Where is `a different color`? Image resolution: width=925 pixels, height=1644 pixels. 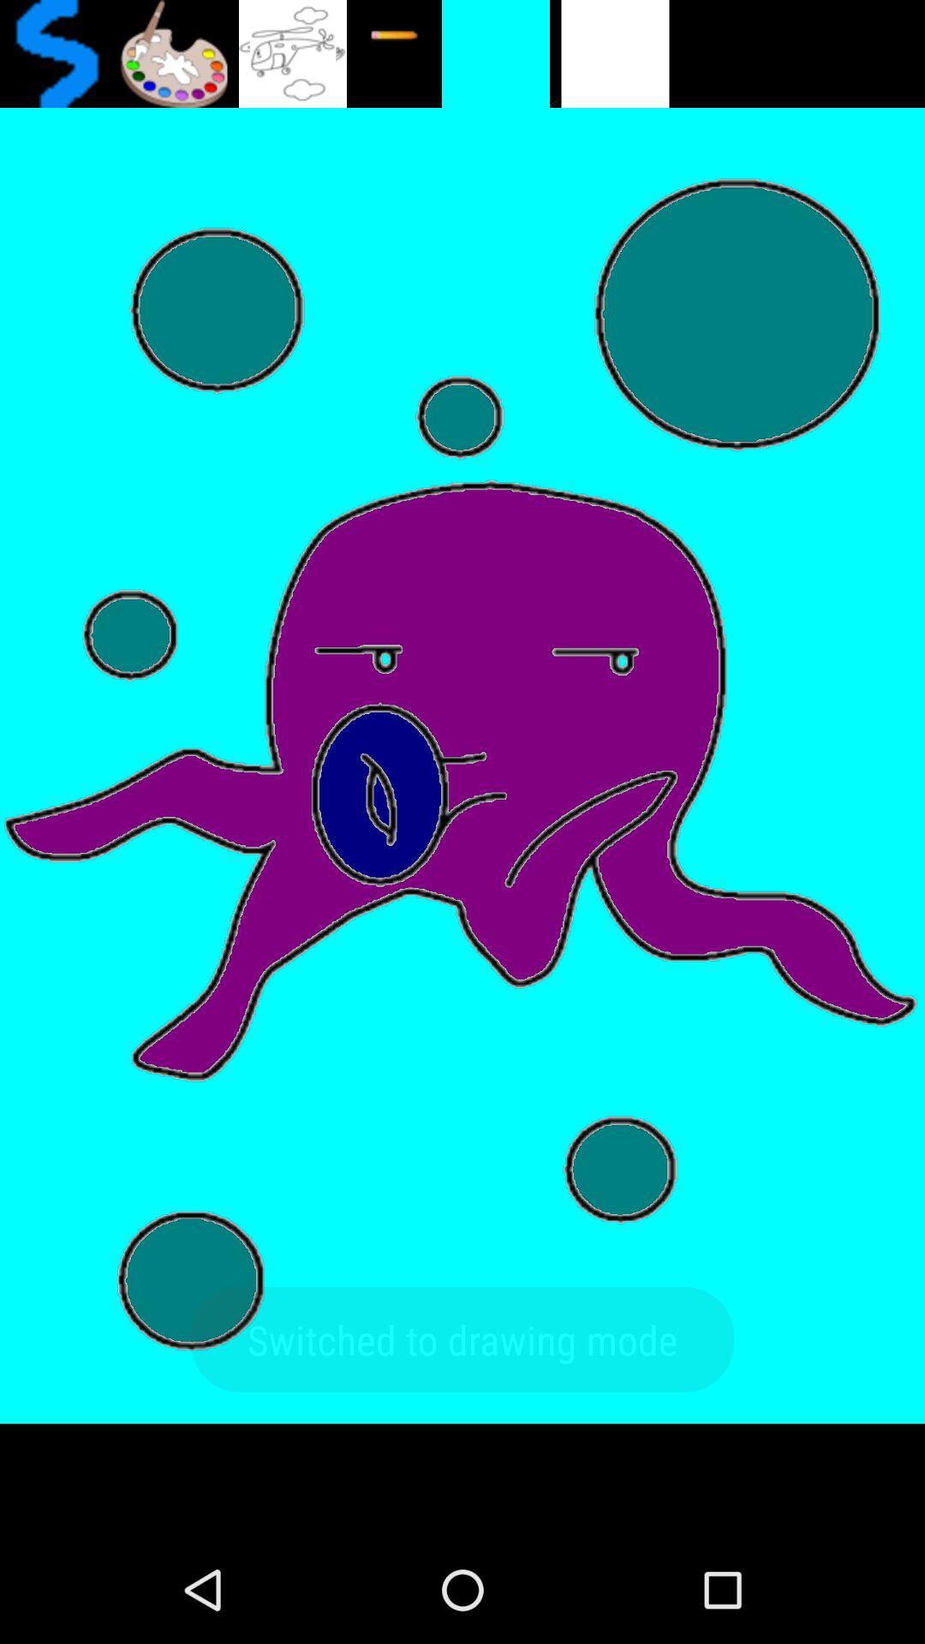 a different color is located at coordinates (173, 53).